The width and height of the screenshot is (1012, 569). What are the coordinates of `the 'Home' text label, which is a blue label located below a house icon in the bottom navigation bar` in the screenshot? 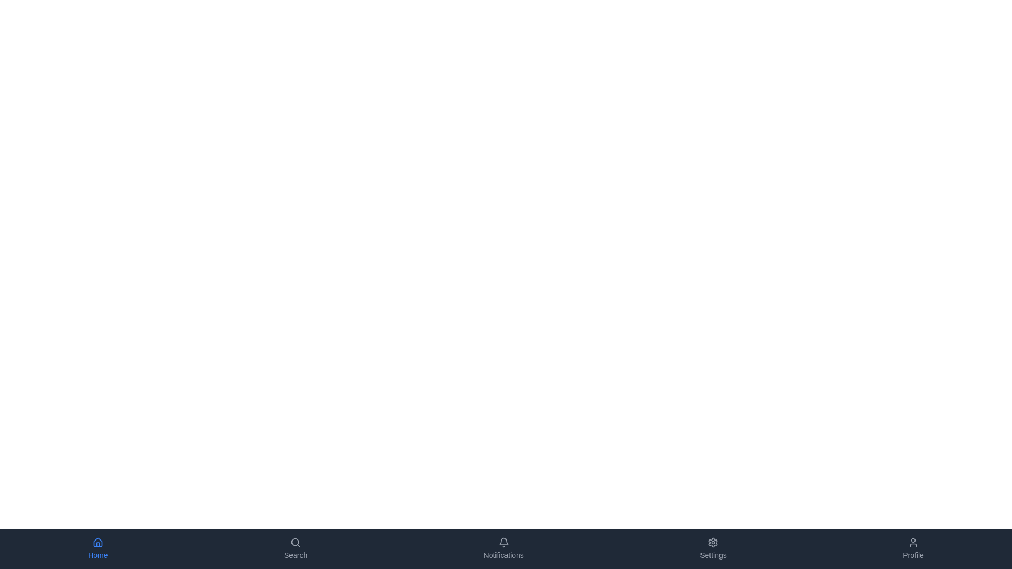 It's located at (98, 554).